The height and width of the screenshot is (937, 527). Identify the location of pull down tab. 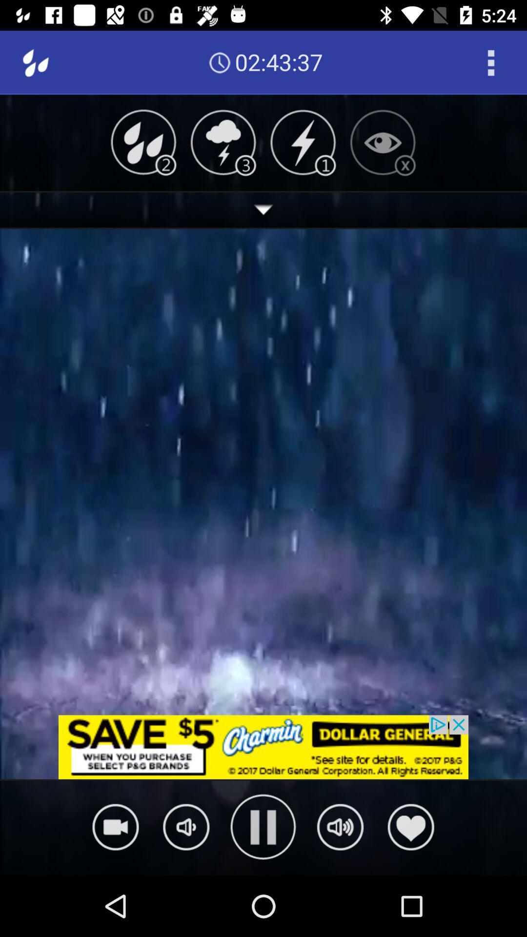
(263, 209).